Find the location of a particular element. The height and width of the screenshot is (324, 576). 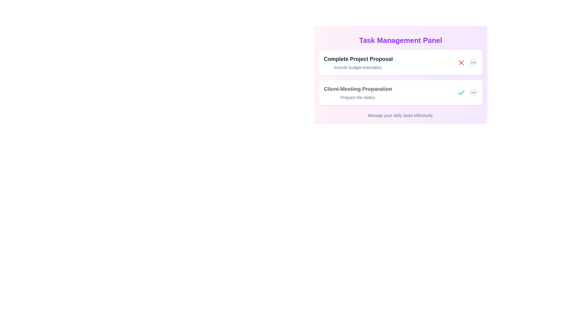

title and subtitle text block located at the top of the first task card in the 'Task Management Panel', which precedes the 'Client Meeting Preparation' card is located at coordinates (358, 62).